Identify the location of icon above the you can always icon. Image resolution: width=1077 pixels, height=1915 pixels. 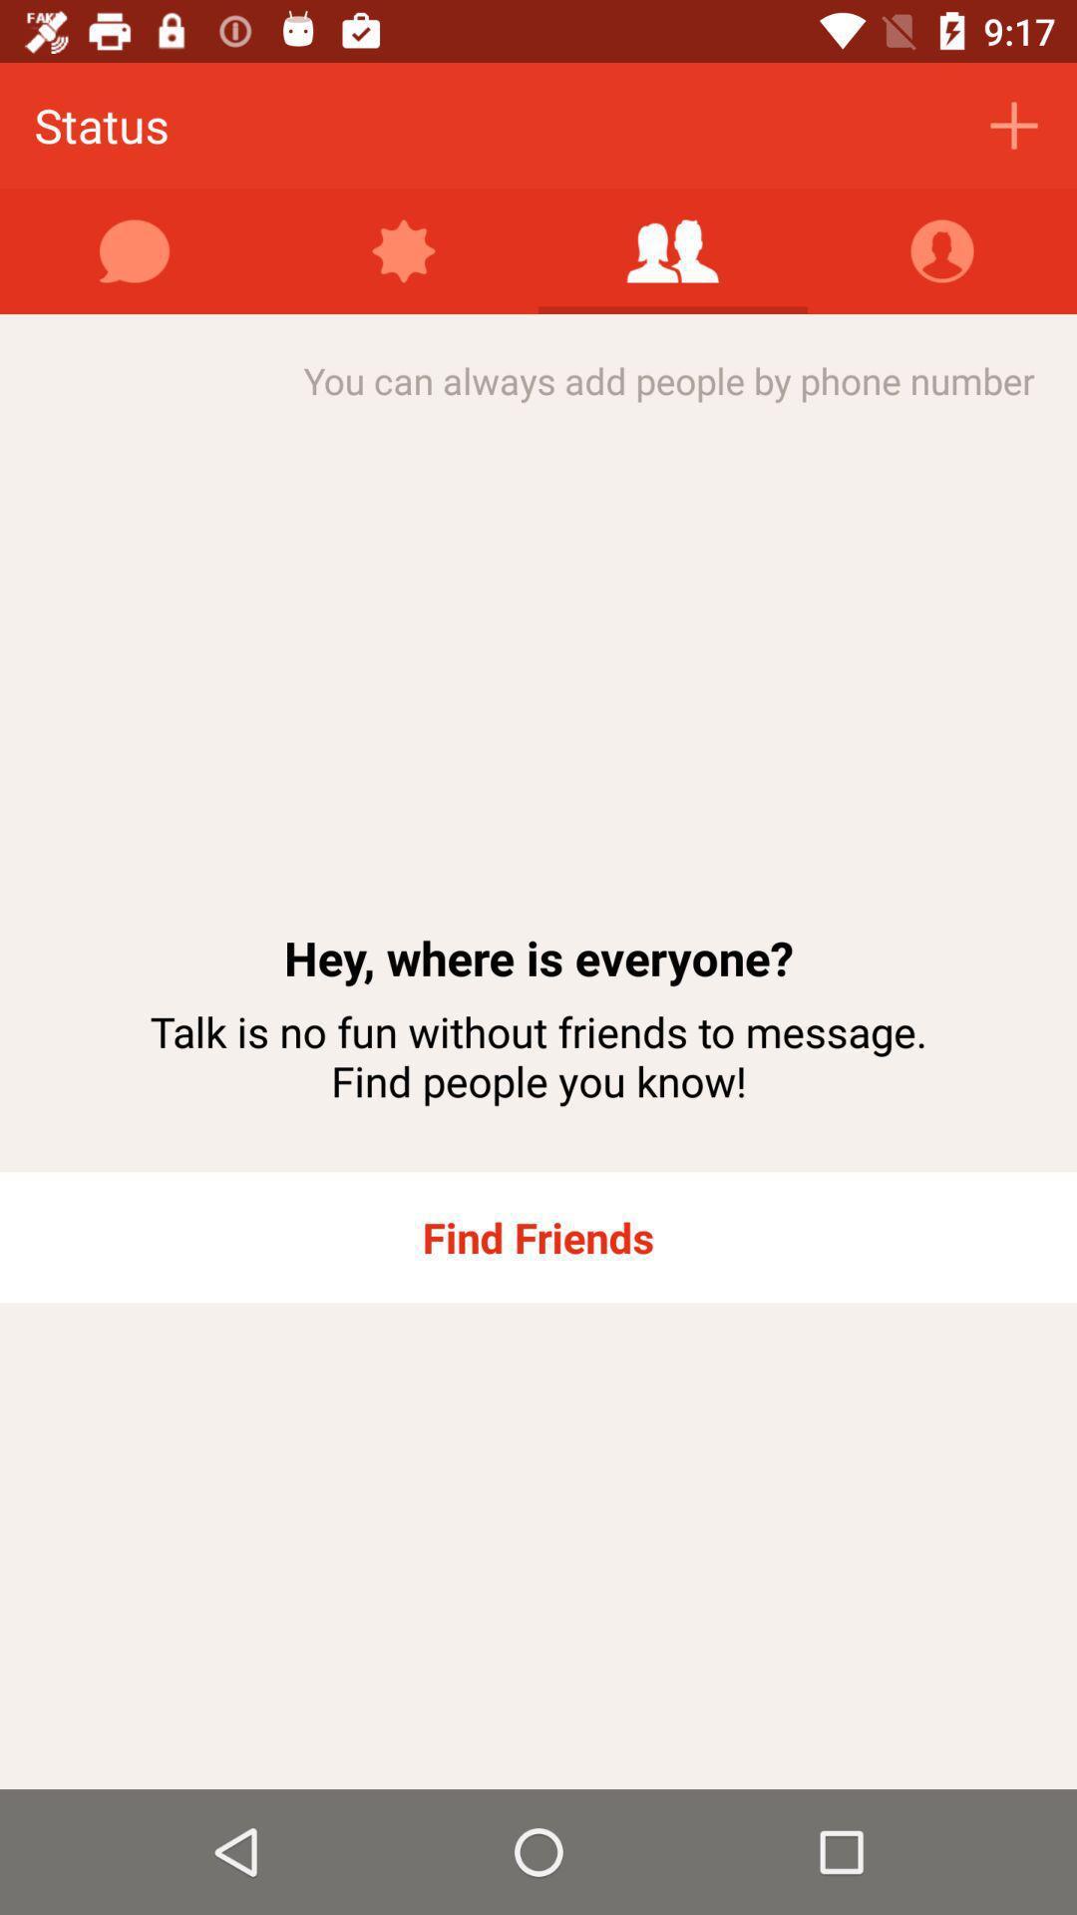
(673, 250).